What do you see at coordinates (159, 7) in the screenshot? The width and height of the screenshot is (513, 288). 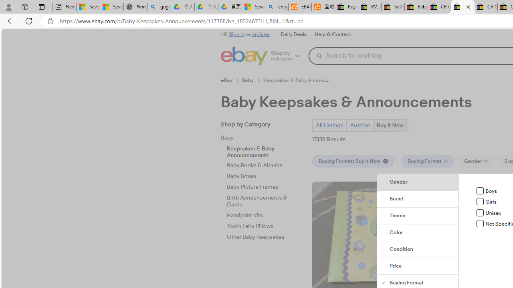 I see `'guge yunpan - Search'` at bounding box center [159, 7].